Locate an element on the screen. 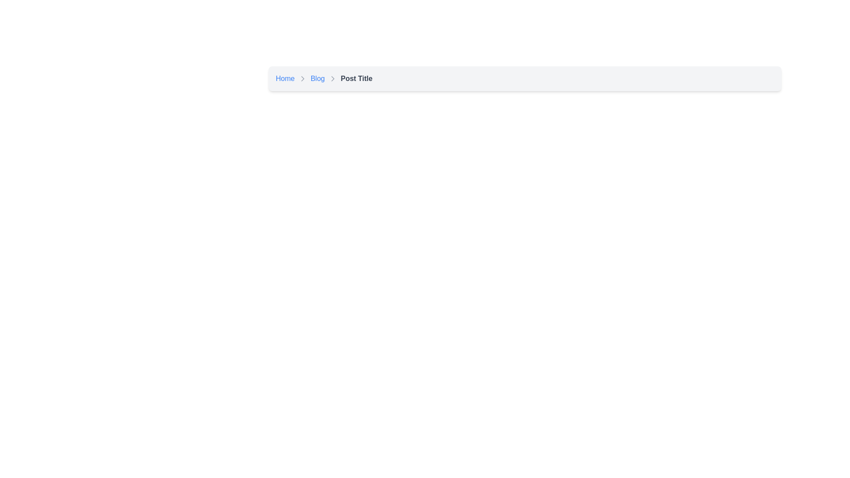 The image size is (850, 478). the Breadcrumb Separator Icon that separates the 'Blog' text link and the 'Post Title' text in the breadcrumb navigation bar is located at coordinates (332, 78).